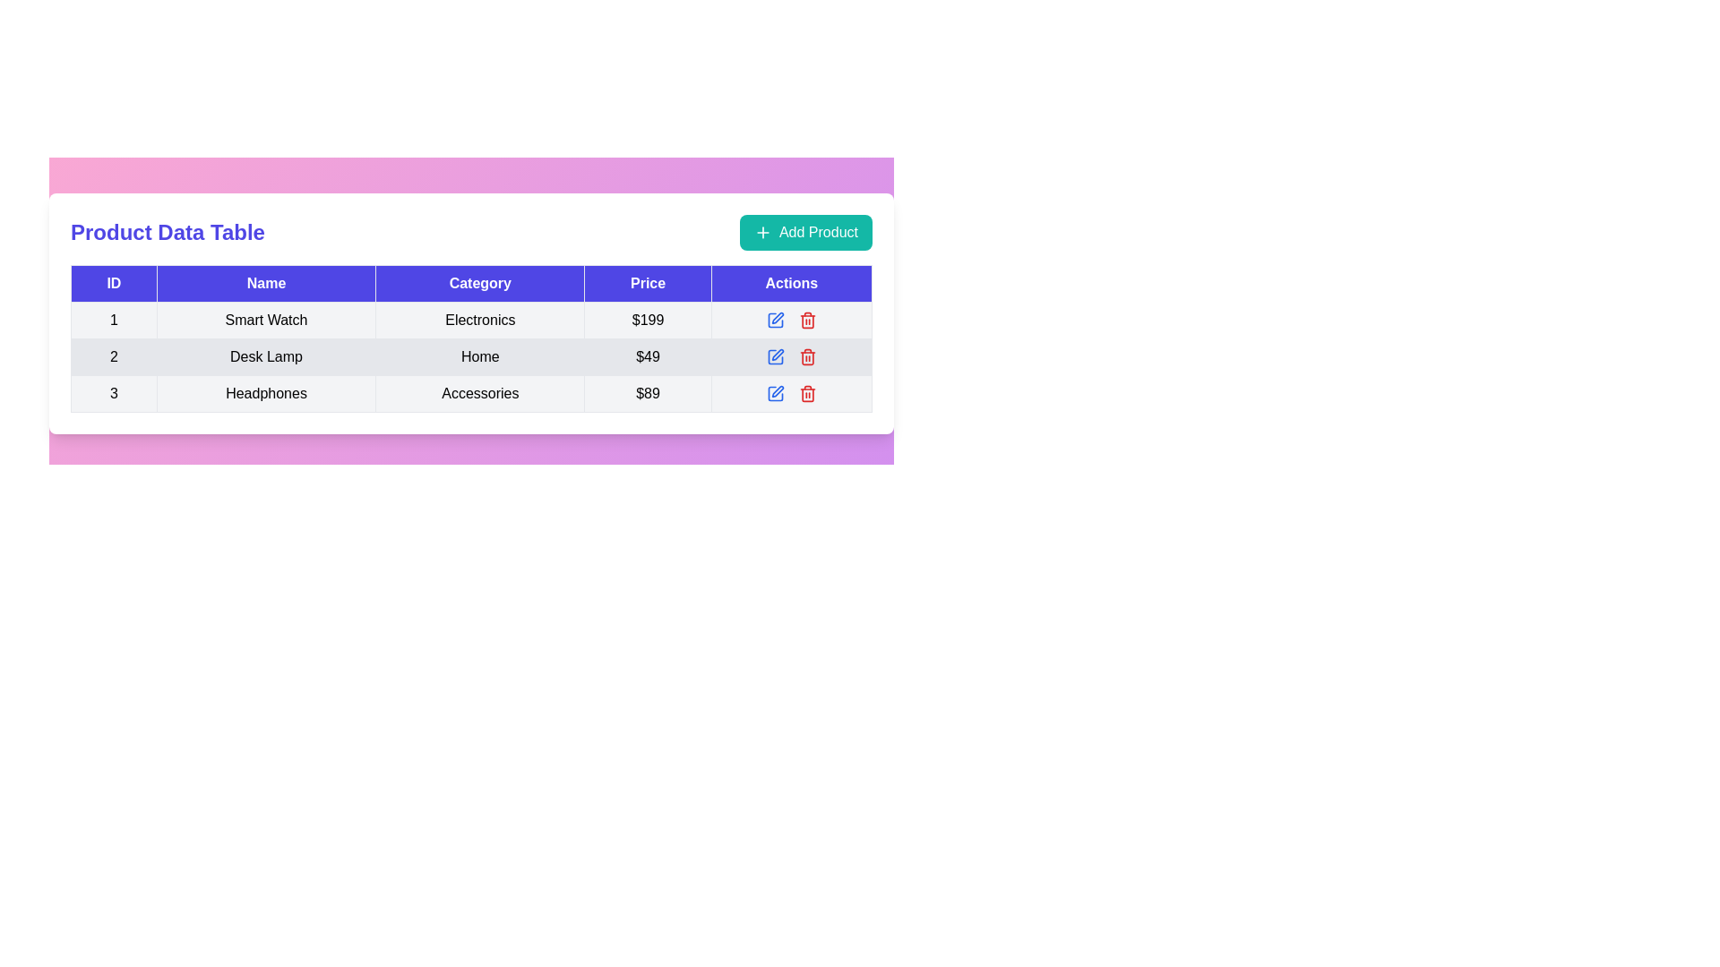  What do you see at coordinates (113, 282) in the screenshot?
I see `the 'ID' header label in the table, which is the first cell in the header row identifying the attribute of the first column` at bounding box center [113, 282].